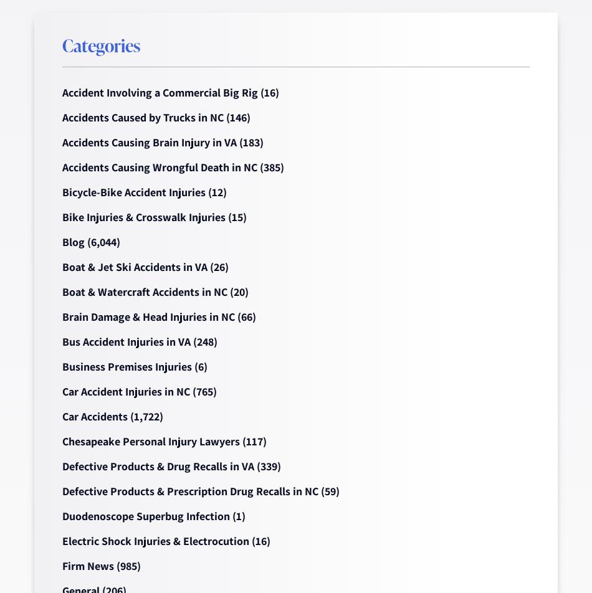  What do you see at coordinates (62, 541) in the screenshot?
I see `'Electric Shock Injuries & Electrocution'` at bounding box center [62, 541].